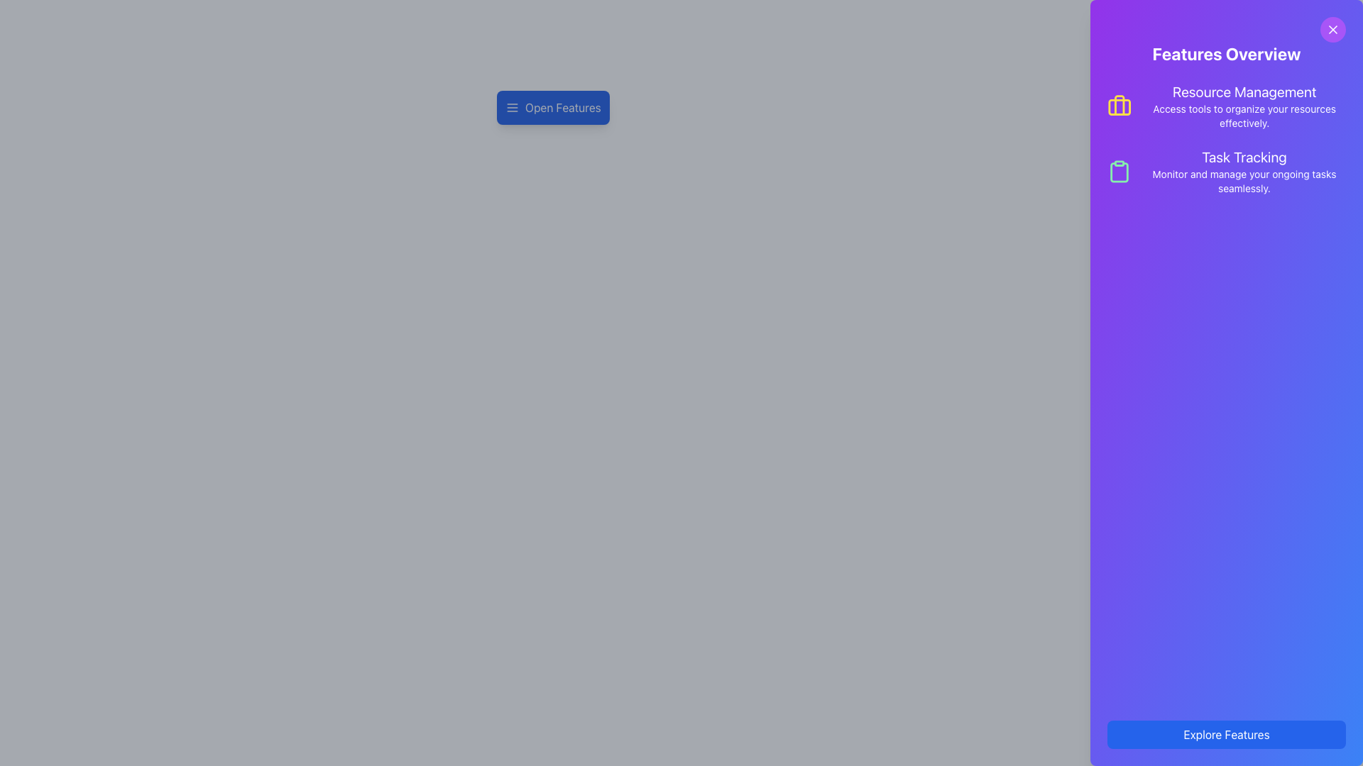  I want to click on the second List Item with Icon and Text that features a green clipboard icon and the title 'Task Tracking' in a purple gradient panel, located below 'Resource Management', so click(1226, 171).